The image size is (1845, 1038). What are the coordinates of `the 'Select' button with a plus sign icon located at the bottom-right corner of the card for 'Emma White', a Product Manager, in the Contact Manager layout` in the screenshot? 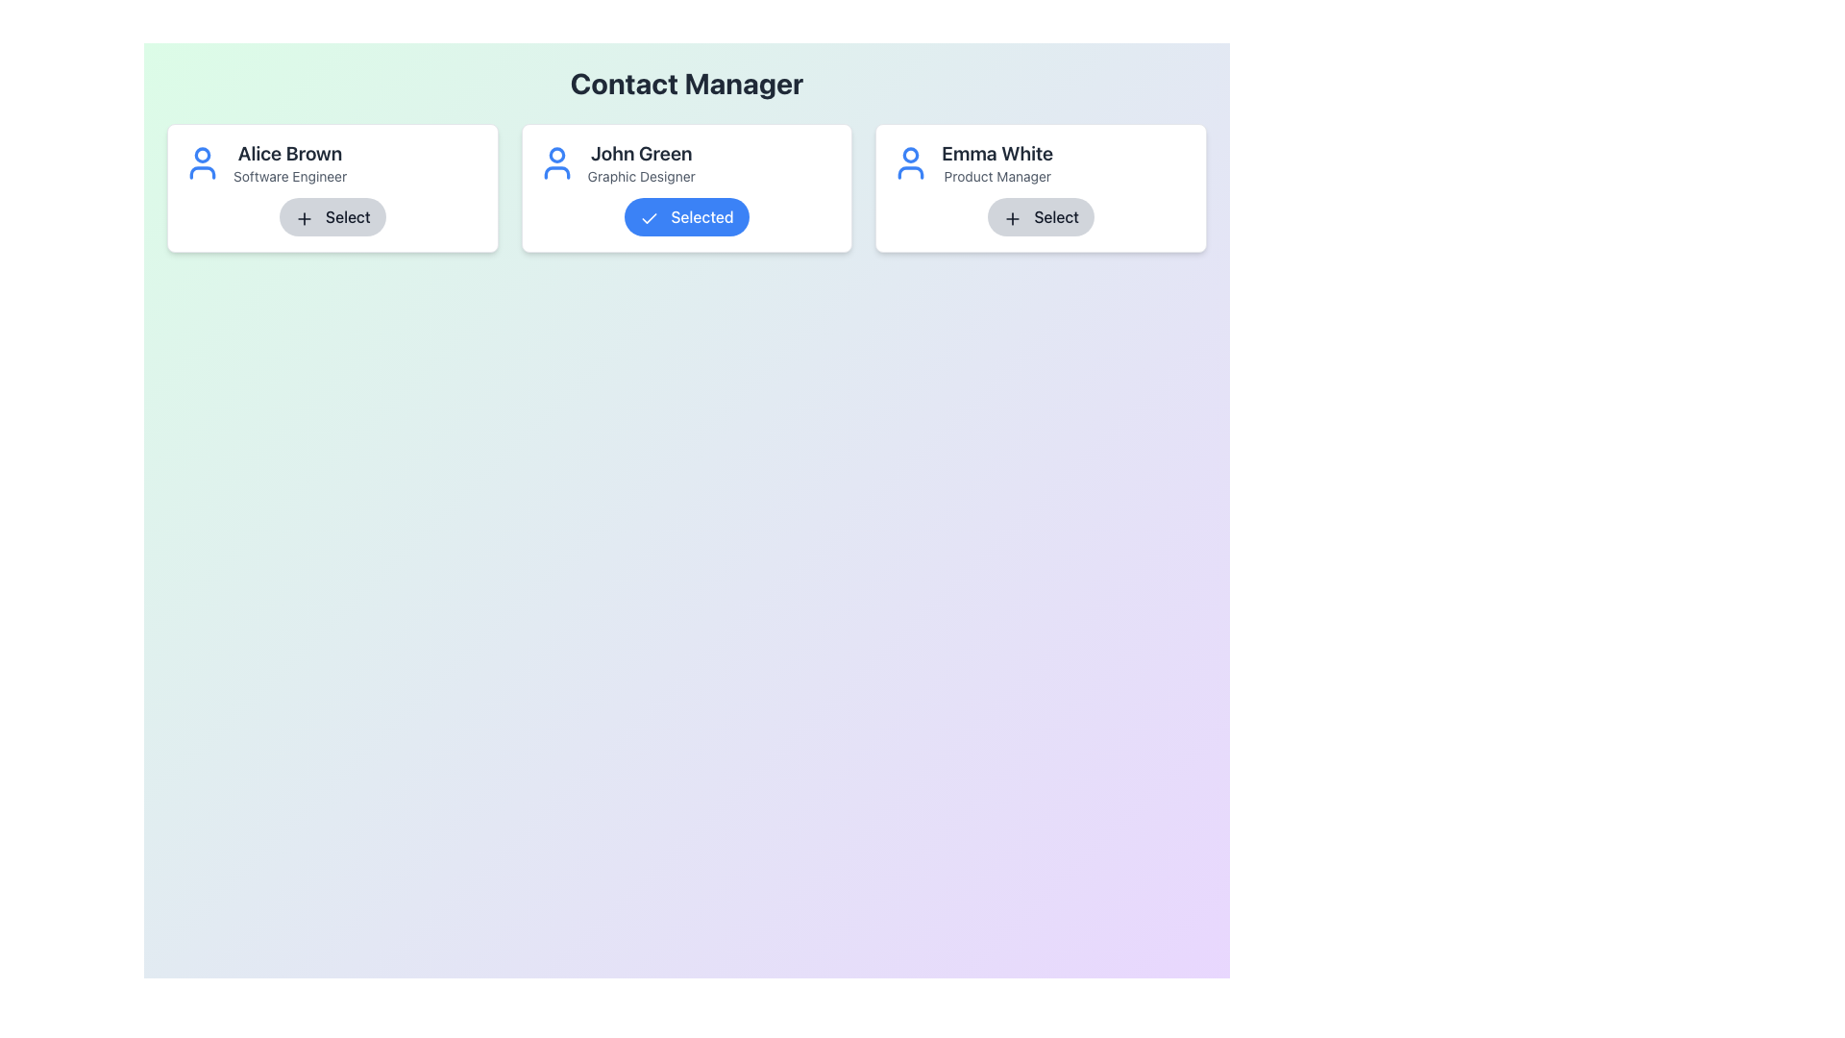 It's located at (1040, 216).